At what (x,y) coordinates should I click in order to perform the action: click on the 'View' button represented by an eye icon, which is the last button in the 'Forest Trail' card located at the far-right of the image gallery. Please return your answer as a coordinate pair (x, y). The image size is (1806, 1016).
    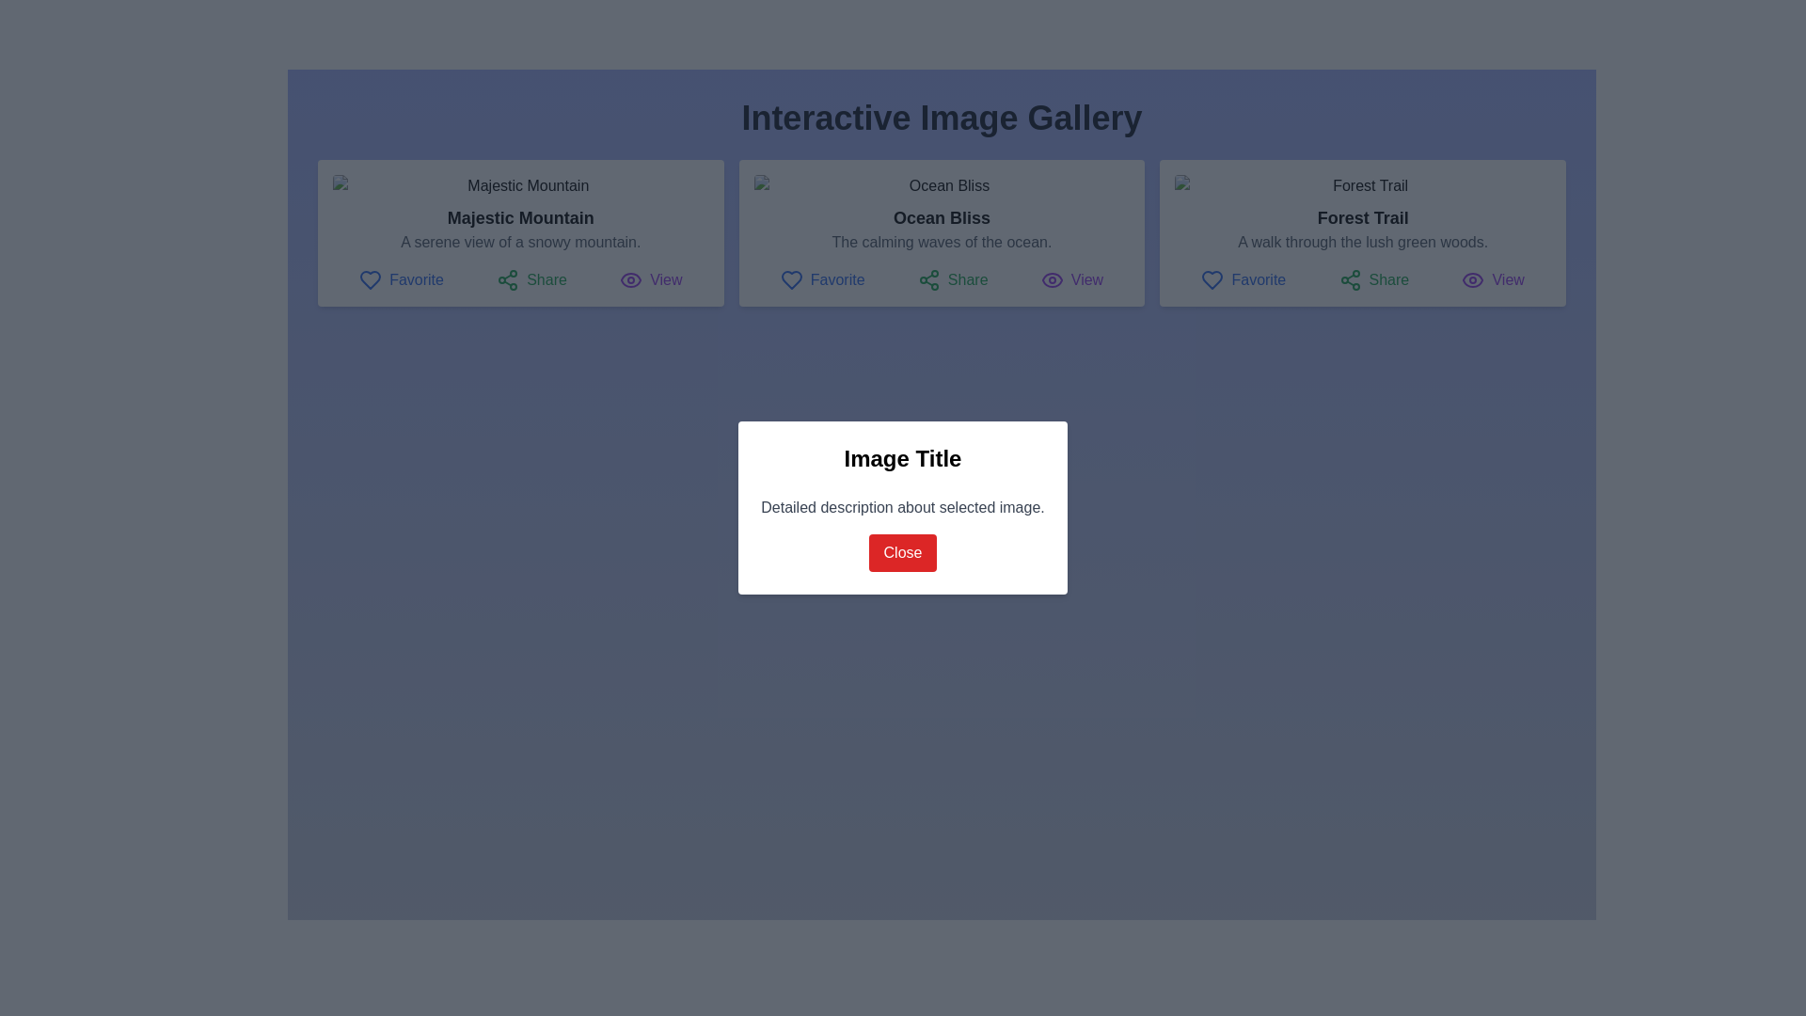
    Looking at the image, I should click on (1472, 279).